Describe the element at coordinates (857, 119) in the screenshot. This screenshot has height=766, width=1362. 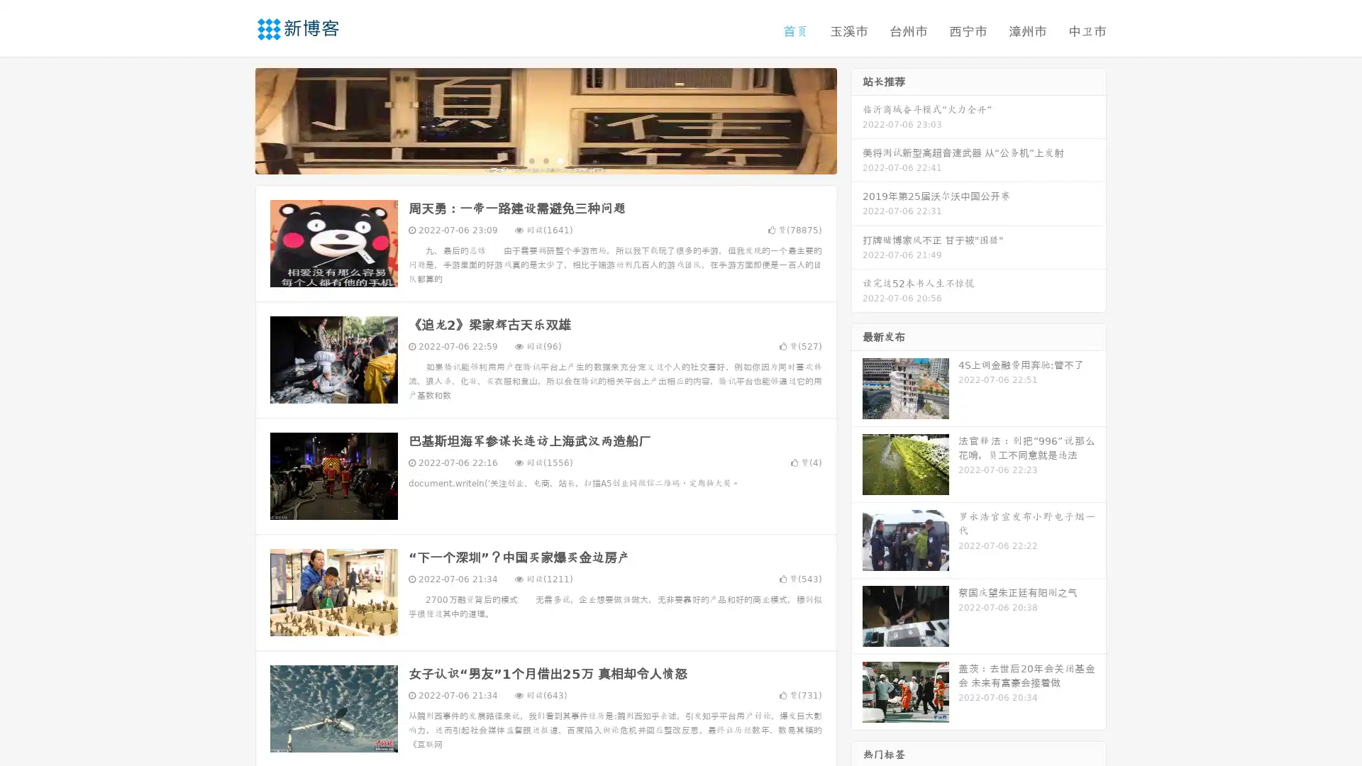
I see `Next slide` at that location.